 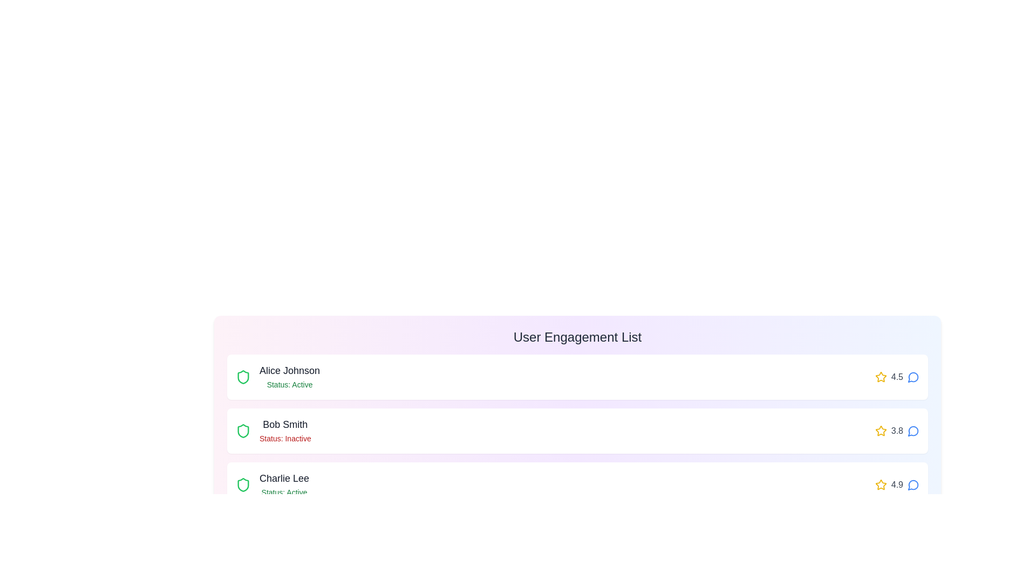 What do you see at coordinates (577, 430) in the screenshot?
I see `the user entry Bob Smith to observe additional effects` at bounding box center [577, 430].